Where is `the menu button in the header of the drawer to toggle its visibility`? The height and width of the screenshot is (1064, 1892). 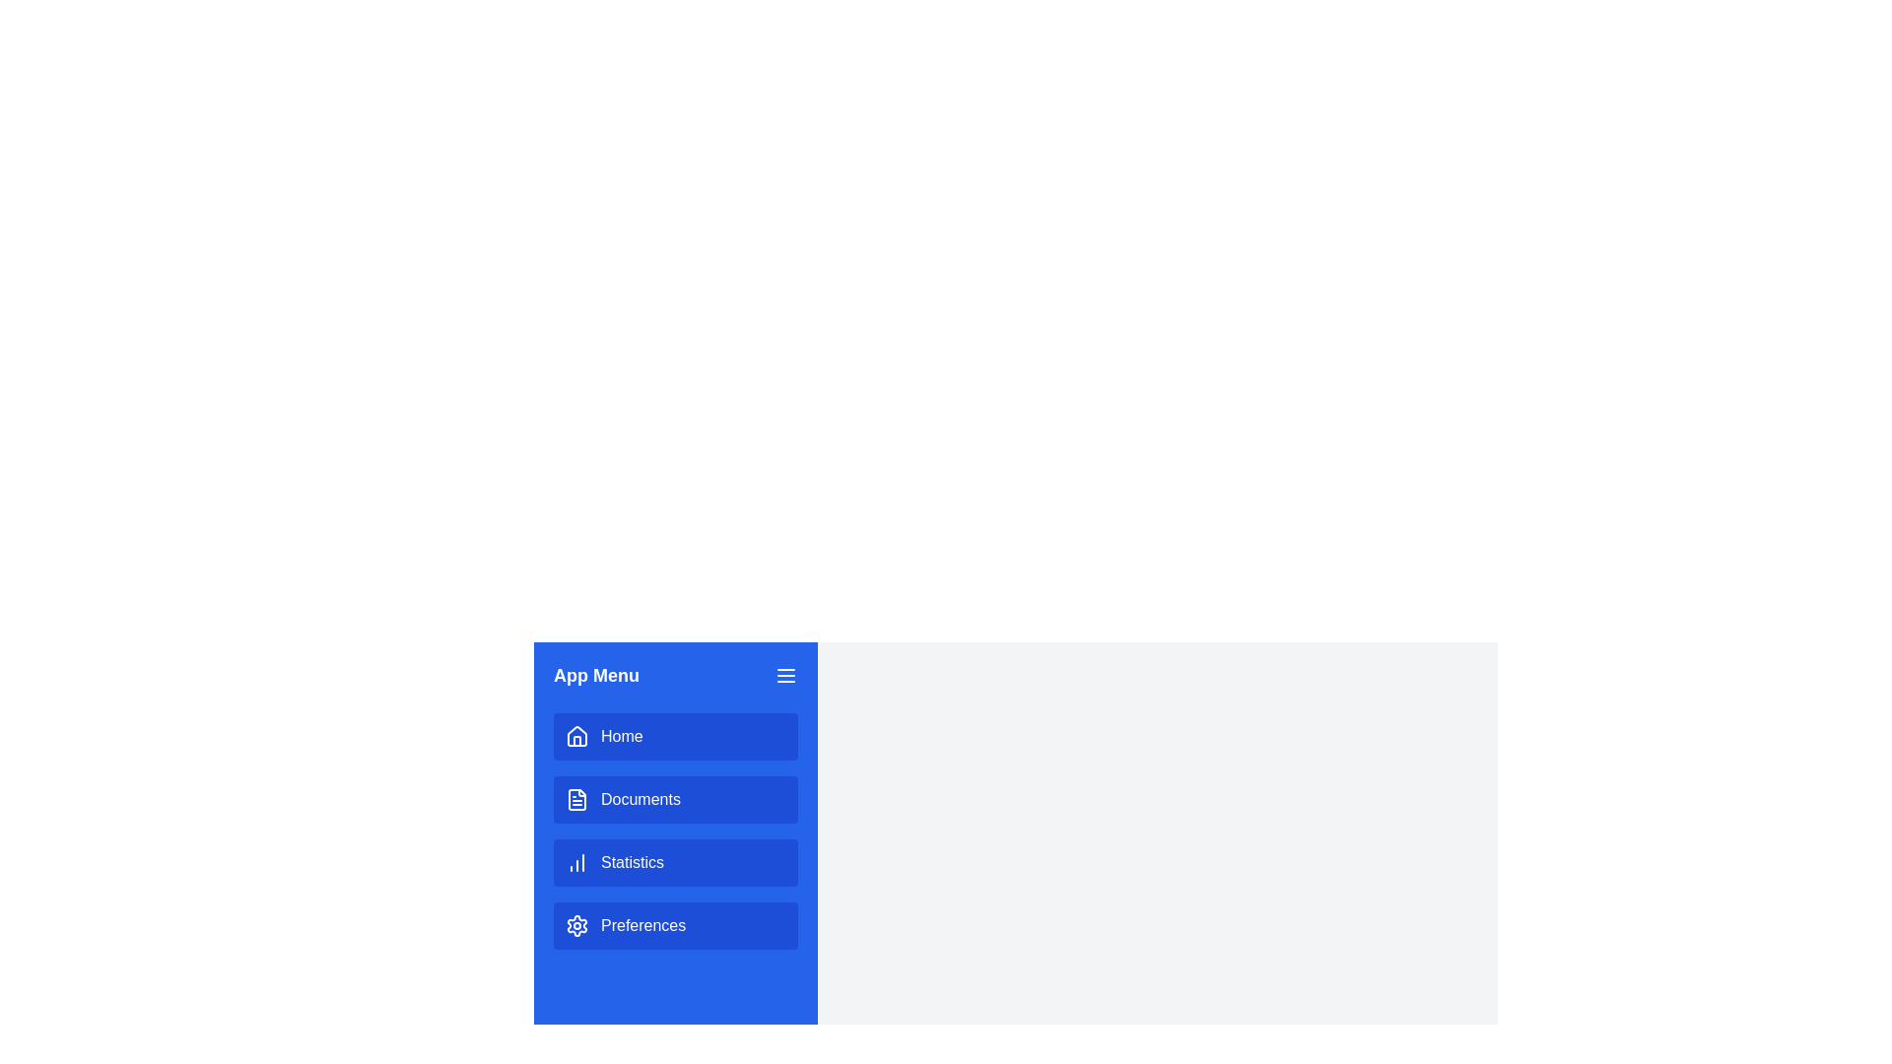
the menu button in the header of the drawer to toggle its visibility is located at coordinates (784, 675).